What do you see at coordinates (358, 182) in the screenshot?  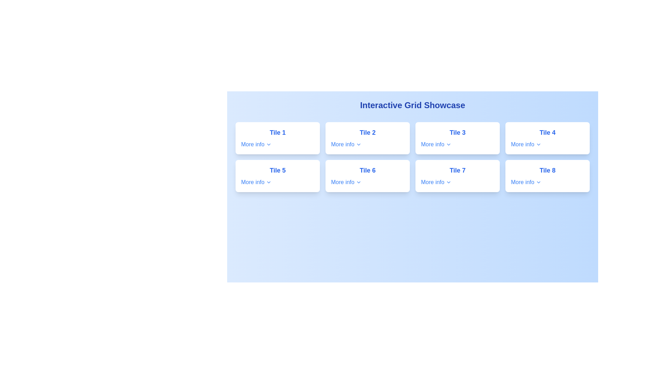 I see `the chevron-down icon located in the bottom-right section of the 'Tile 6' card, indicating additional information is available` at bounding box center [358, 182].